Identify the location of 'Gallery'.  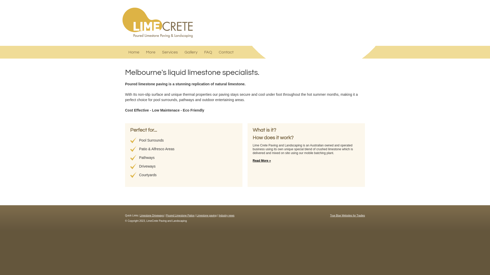
(191, 52).